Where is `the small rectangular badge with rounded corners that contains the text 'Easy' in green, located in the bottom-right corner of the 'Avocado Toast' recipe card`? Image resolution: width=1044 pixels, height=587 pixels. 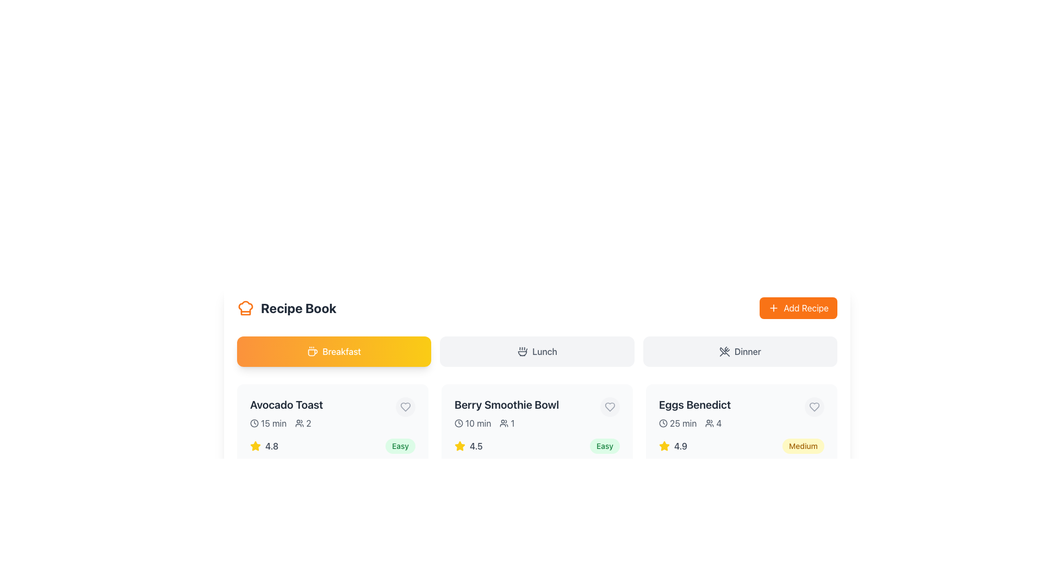 the small rectangular badge with rounded corners that contains the text 'Easy' in green, located in the bottom-right corner of the 'Avocado Toast' recipe card is located at coordinates (400, 446).